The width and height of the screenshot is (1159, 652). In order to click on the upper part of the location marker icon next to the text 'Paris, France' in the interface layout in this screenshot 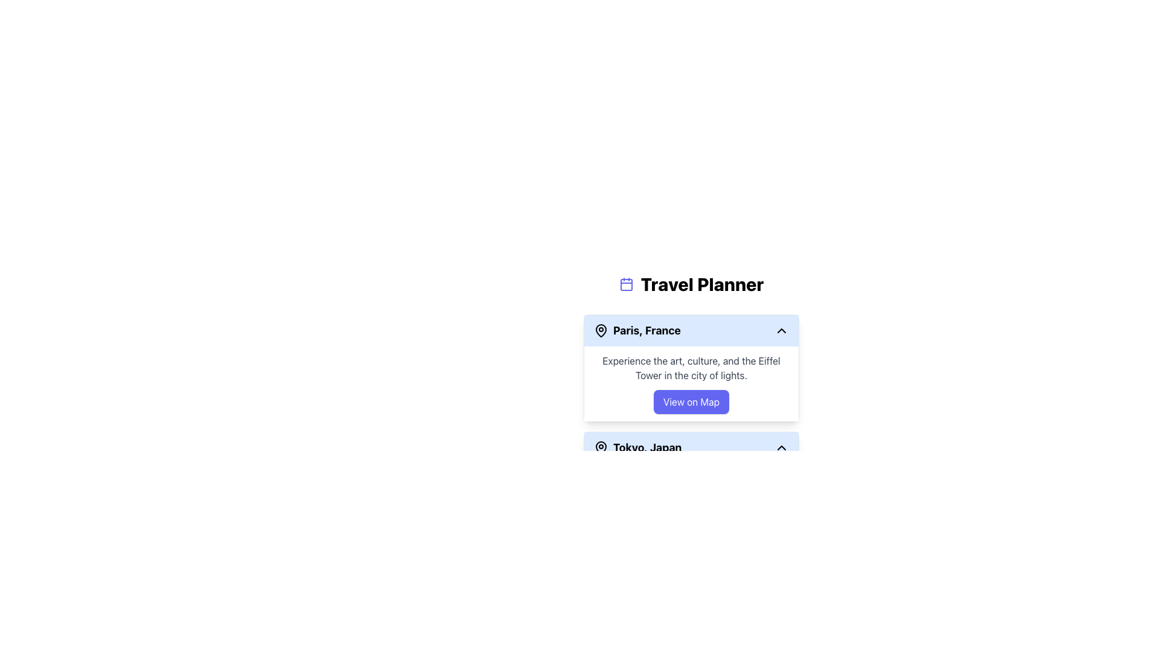, I will do `click(601, 330)`.